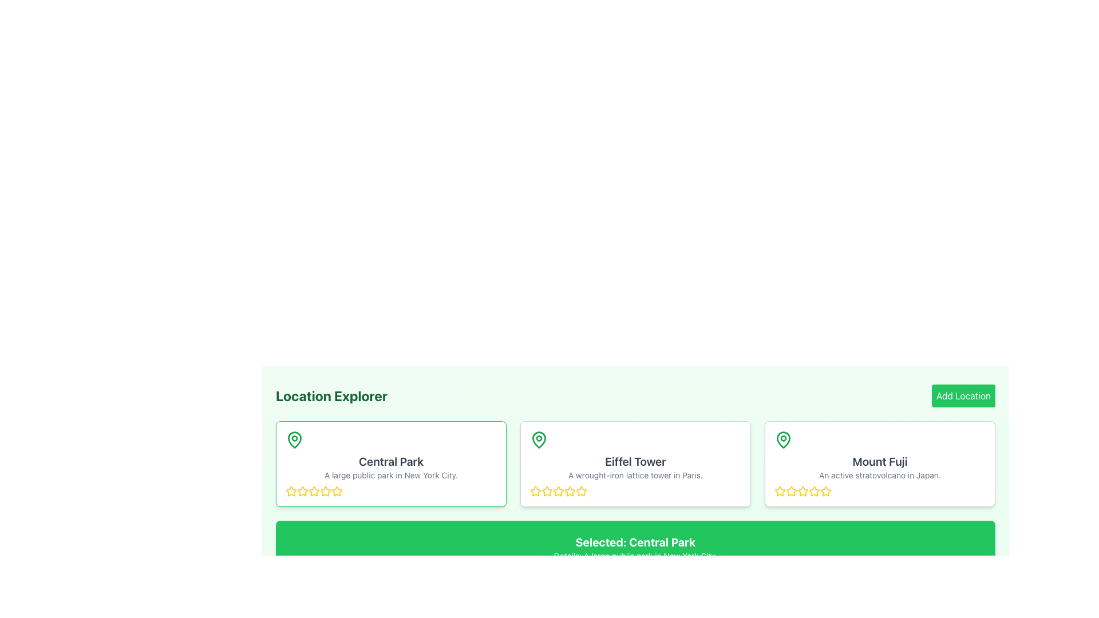 This screenshot has height=618, width=1099. I want to click on the first star-shaped rating icon for 'Mount Fuji' in the 'Location Explorer' interface to rate it, so click(779, 490).